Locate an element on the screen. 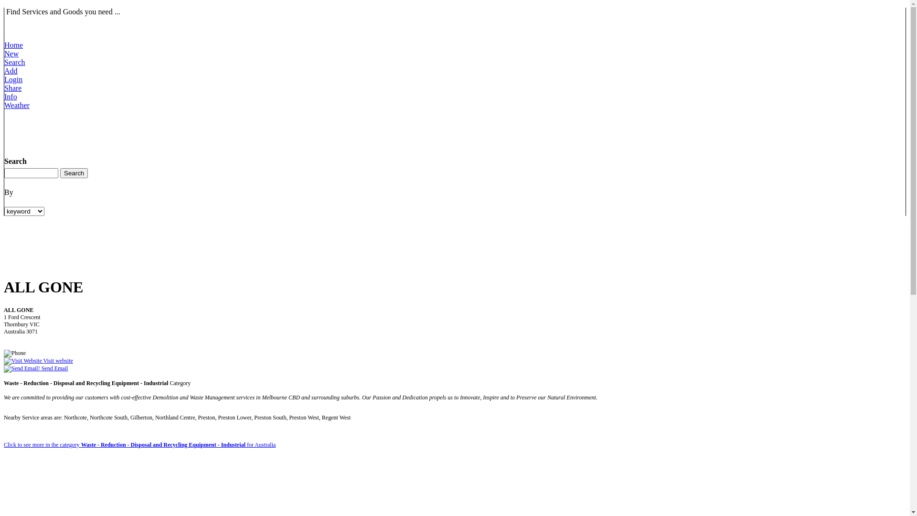 This screenshot has width=917, height=516. 'Send Email' is located at coordinates (36, 368).